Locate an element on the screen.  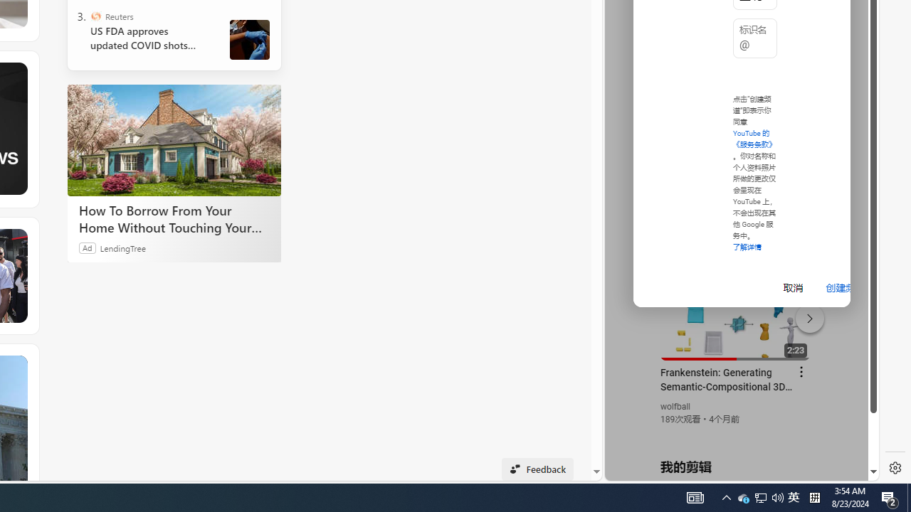
'How To Borrow From Your Home Without Touching Your Mortgage' is located at coordinates (174, 140).